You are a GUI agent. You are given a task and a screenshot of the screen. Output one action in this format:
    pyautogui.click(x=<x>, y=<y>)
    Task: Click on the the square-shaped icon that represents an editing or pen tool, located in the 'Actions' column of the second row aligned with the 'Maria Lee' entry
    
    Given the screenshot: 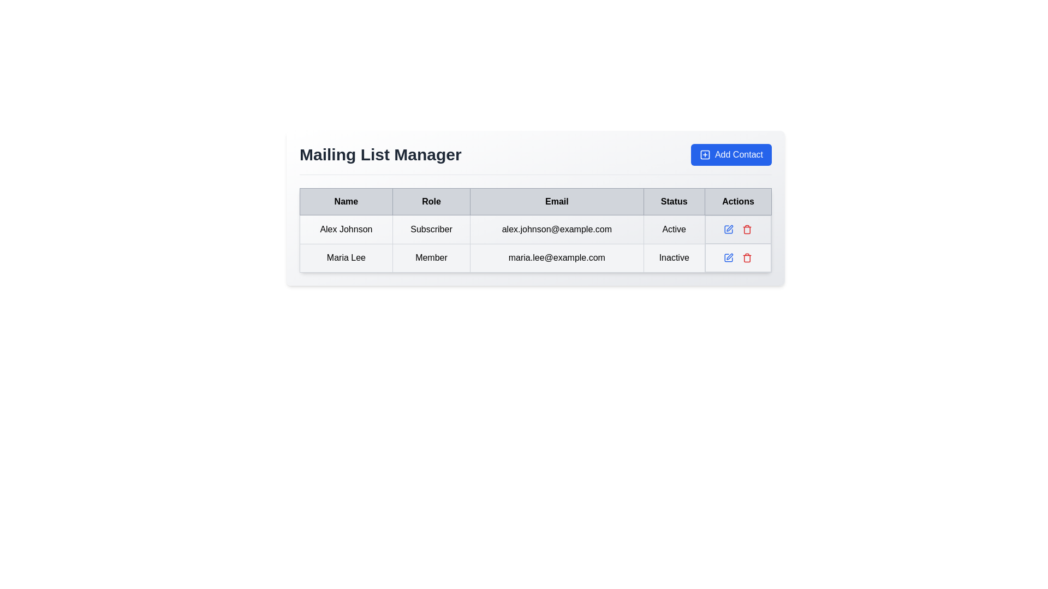 What is the action you would take?
    pyautogui.click(x=729, y=229)
    